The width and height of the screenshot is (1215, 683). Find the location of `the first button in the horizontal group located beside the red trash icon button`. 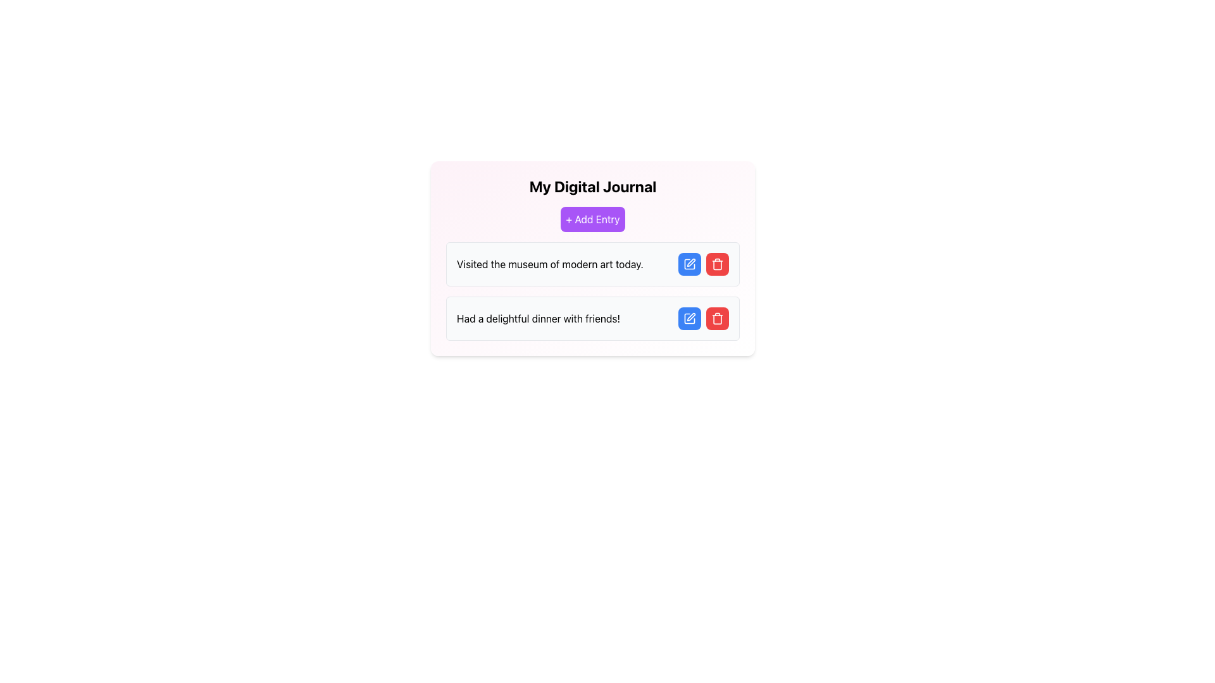

the first button in the horizontal group located beside the red trash icon button is located at coordinates (688, 318).